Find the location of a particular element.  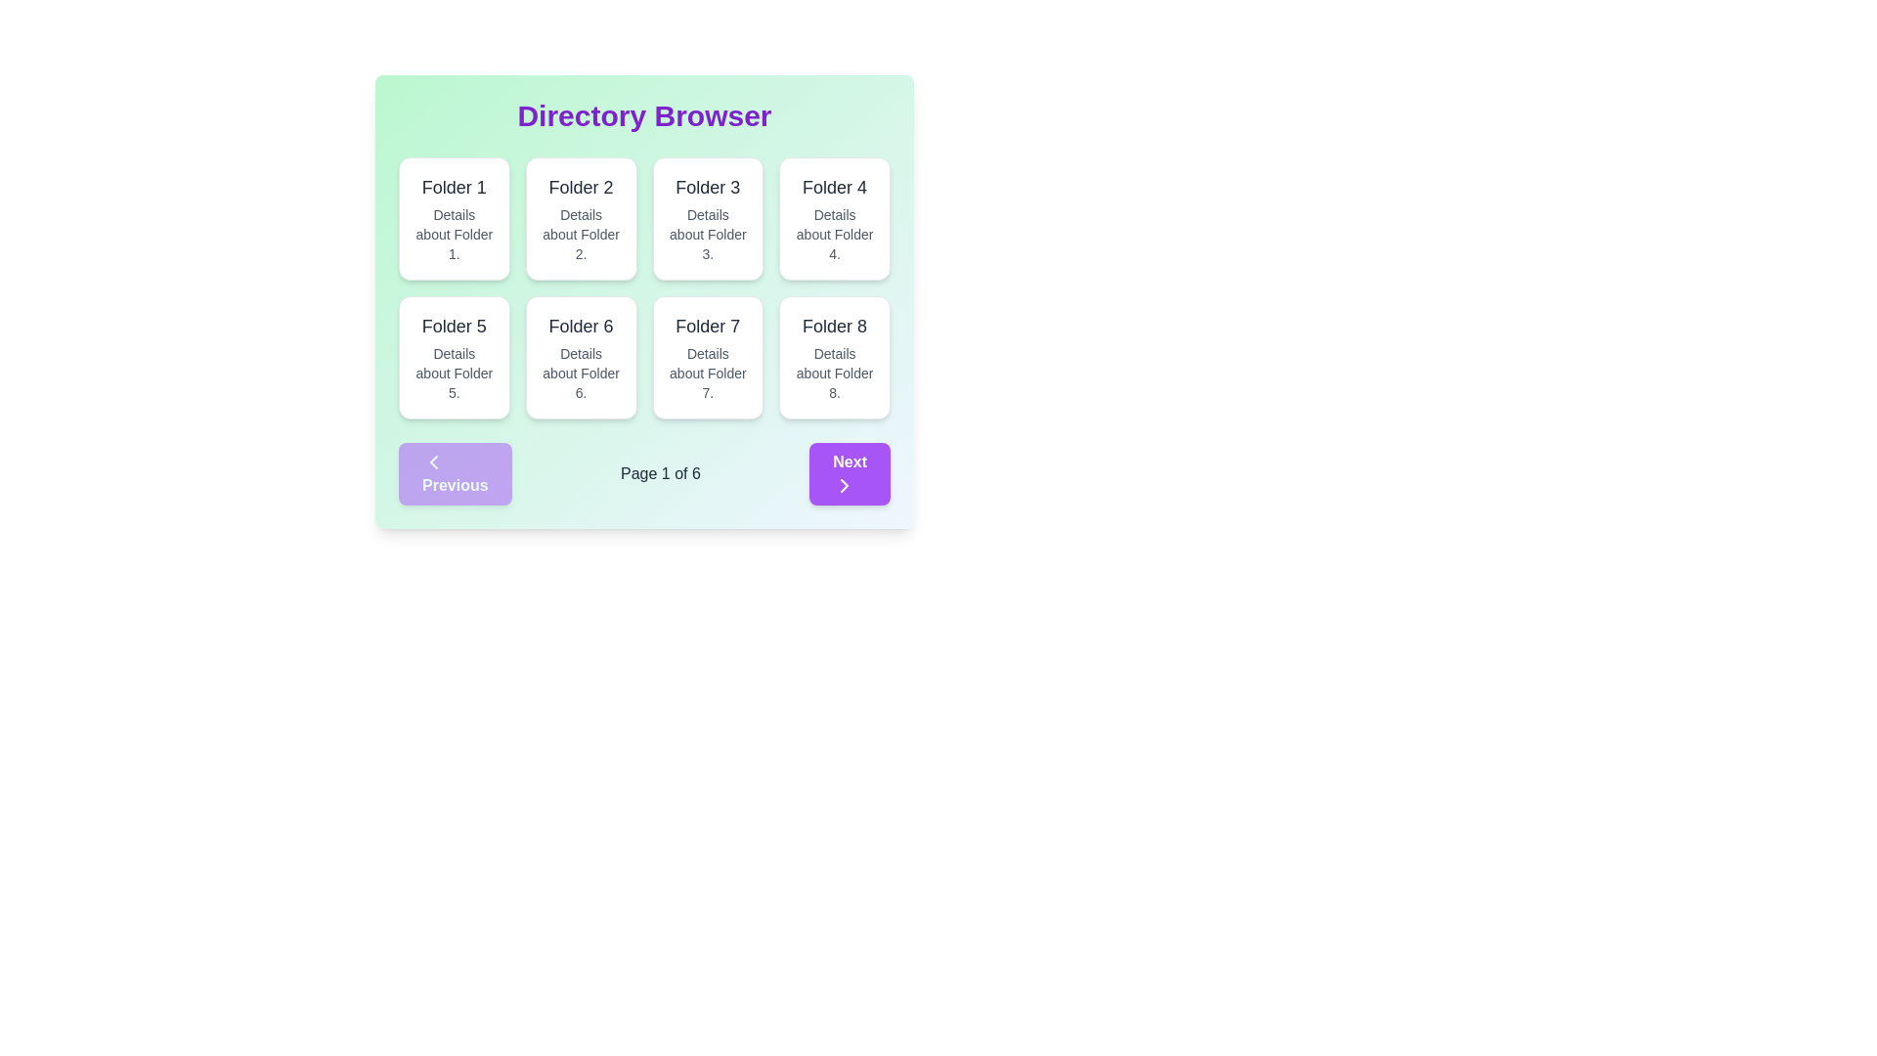

the rightward-pointing chevron arrow icon, which is part of the 'Next' button located in the main navigation area at the bottom of the interface is located at coordinates (845, 485).